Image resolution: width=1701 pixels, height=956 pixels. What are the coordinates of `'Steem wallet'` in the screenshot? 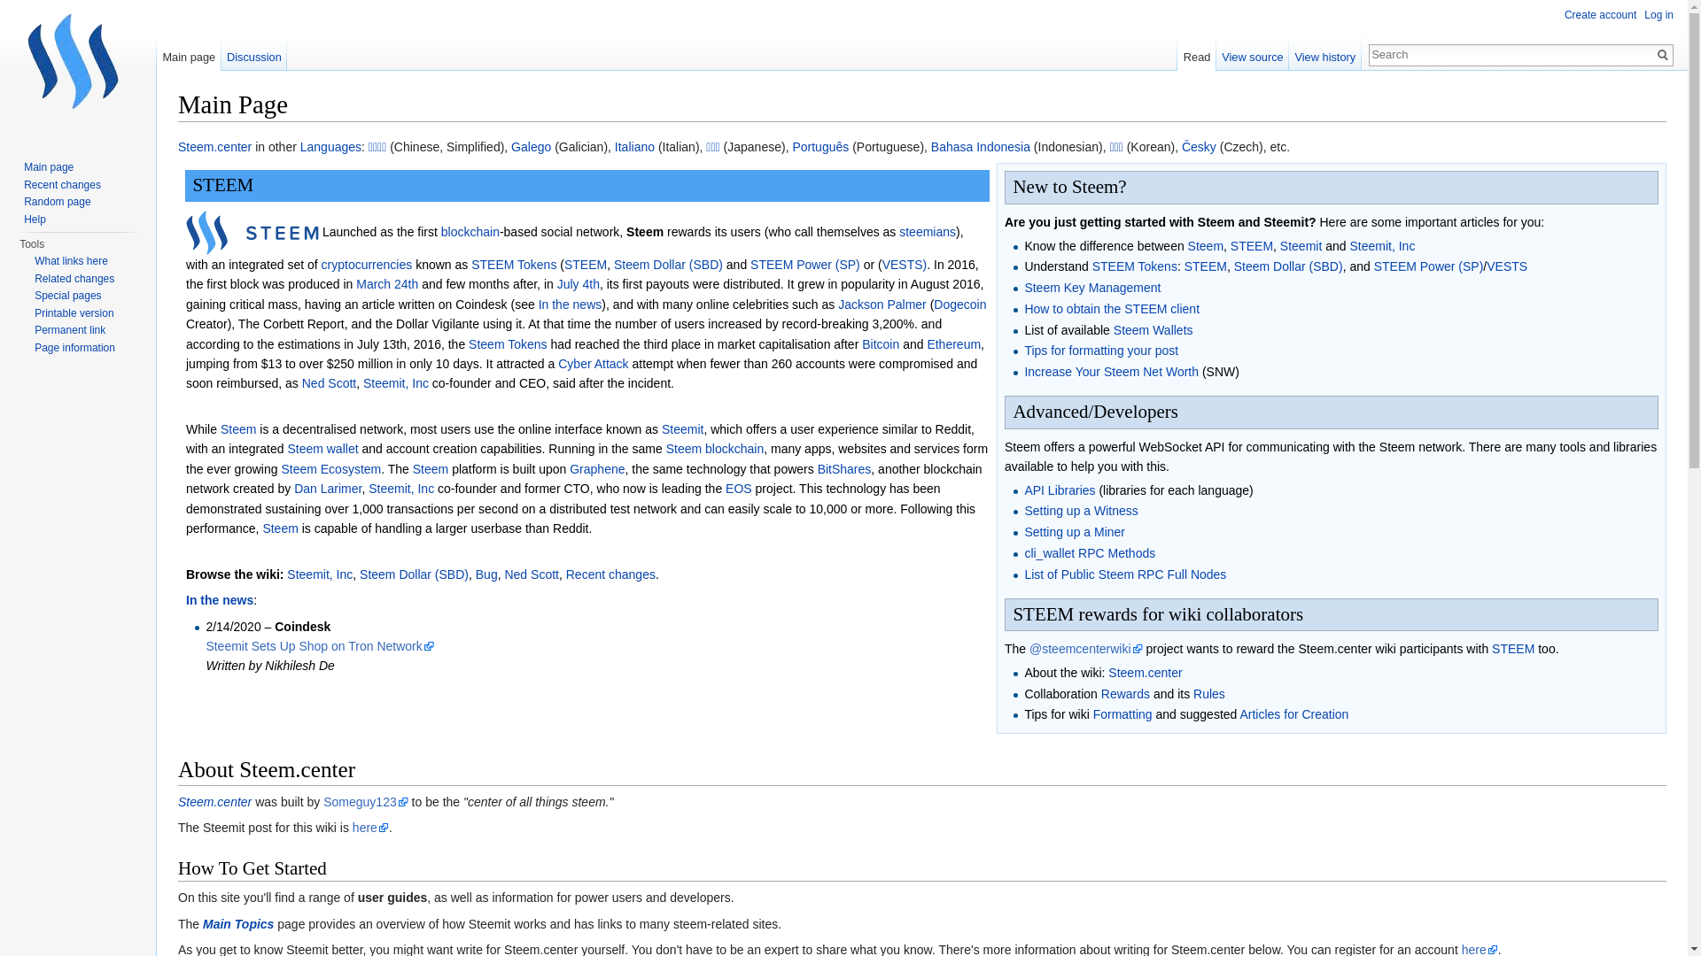 It's located at (322, 447).